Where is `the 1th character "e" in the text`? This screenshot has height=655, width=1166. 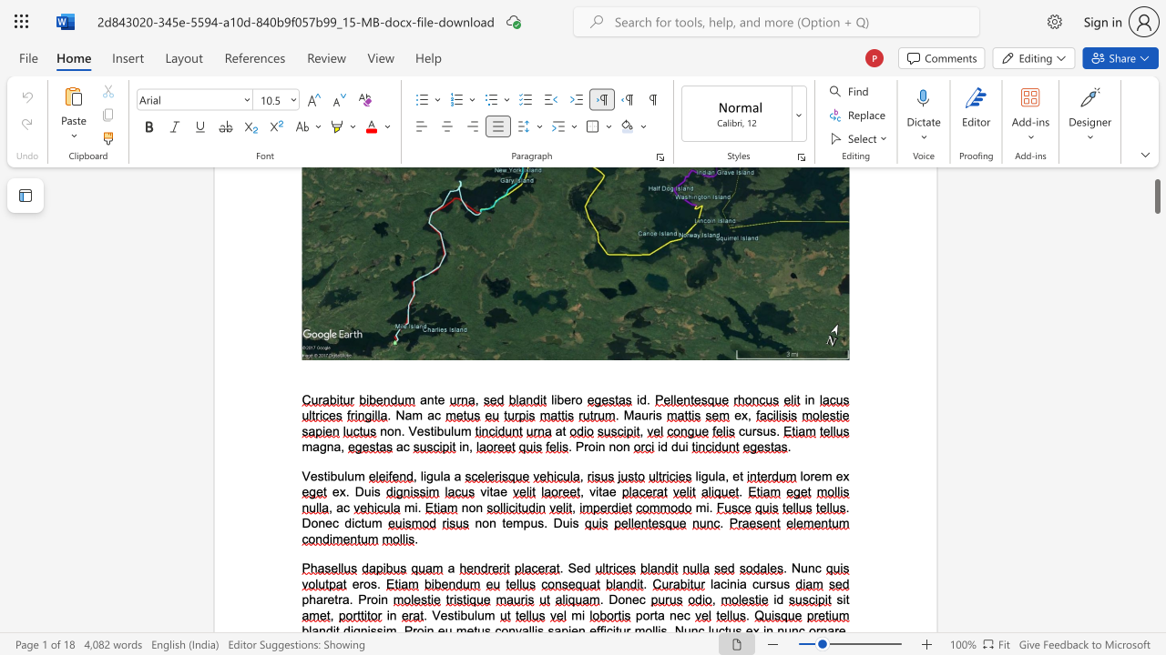 the 1th character "e" in the text is located at coordinates (509, 523).